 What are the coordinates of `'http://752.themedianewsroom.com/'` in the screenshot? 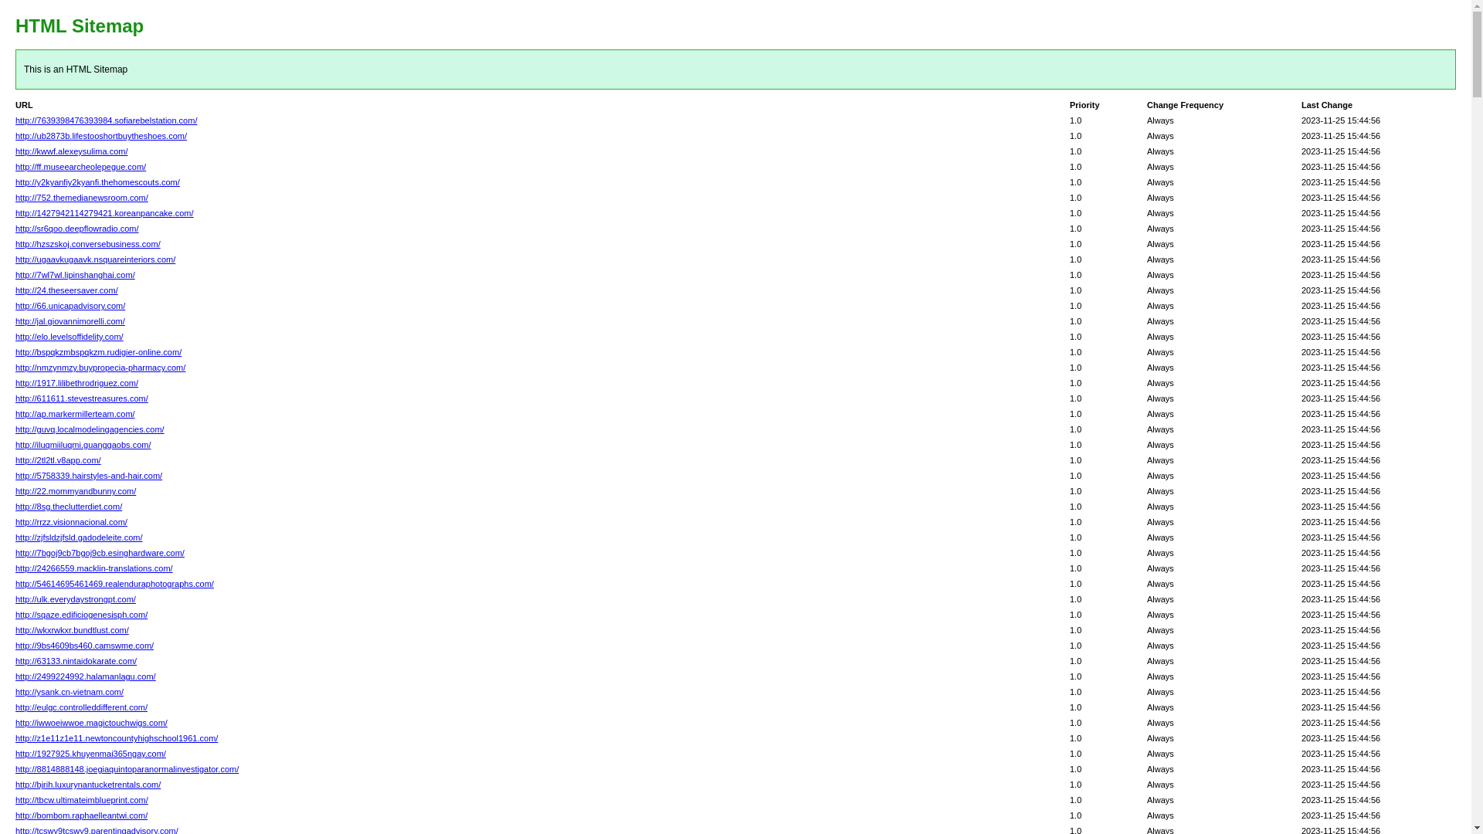 It's located at (80, 196).